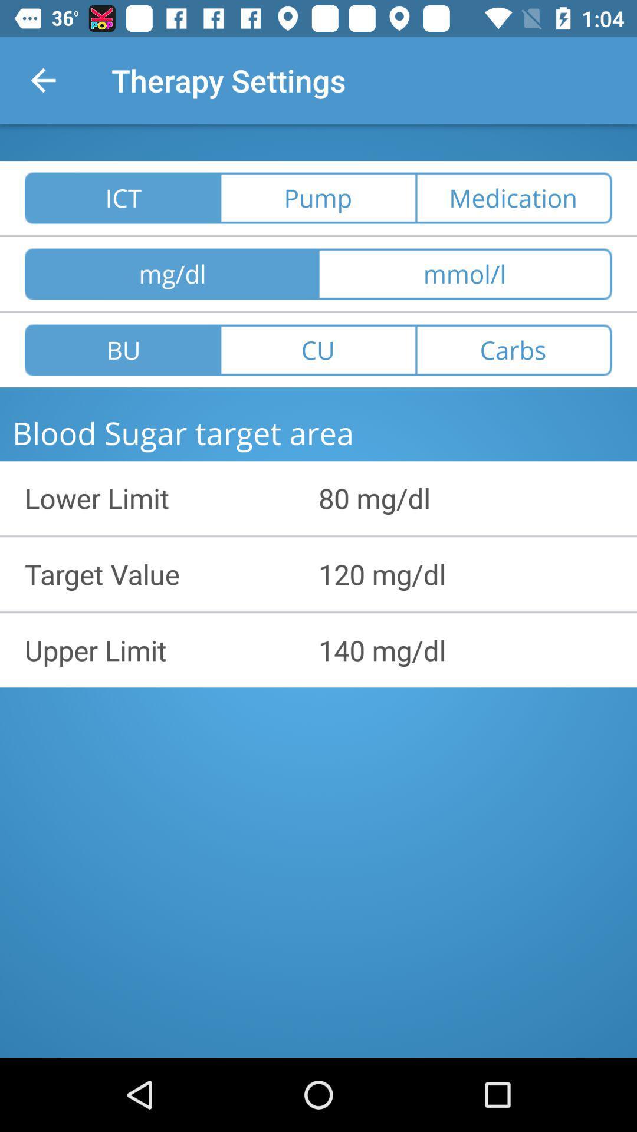 Image resolution: width=637 pixels, height=1132 pixels. What do you see at coordinates (513, 198) in the screenshot?
I see `the medication option` at bounding box center [513, 198].